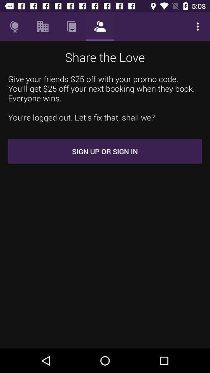 Image resolution: width=210 pixels, height=373 pixels. Describe the element at coordinates (100, 26) in the screenshot. I see `item above share the love` at that location.